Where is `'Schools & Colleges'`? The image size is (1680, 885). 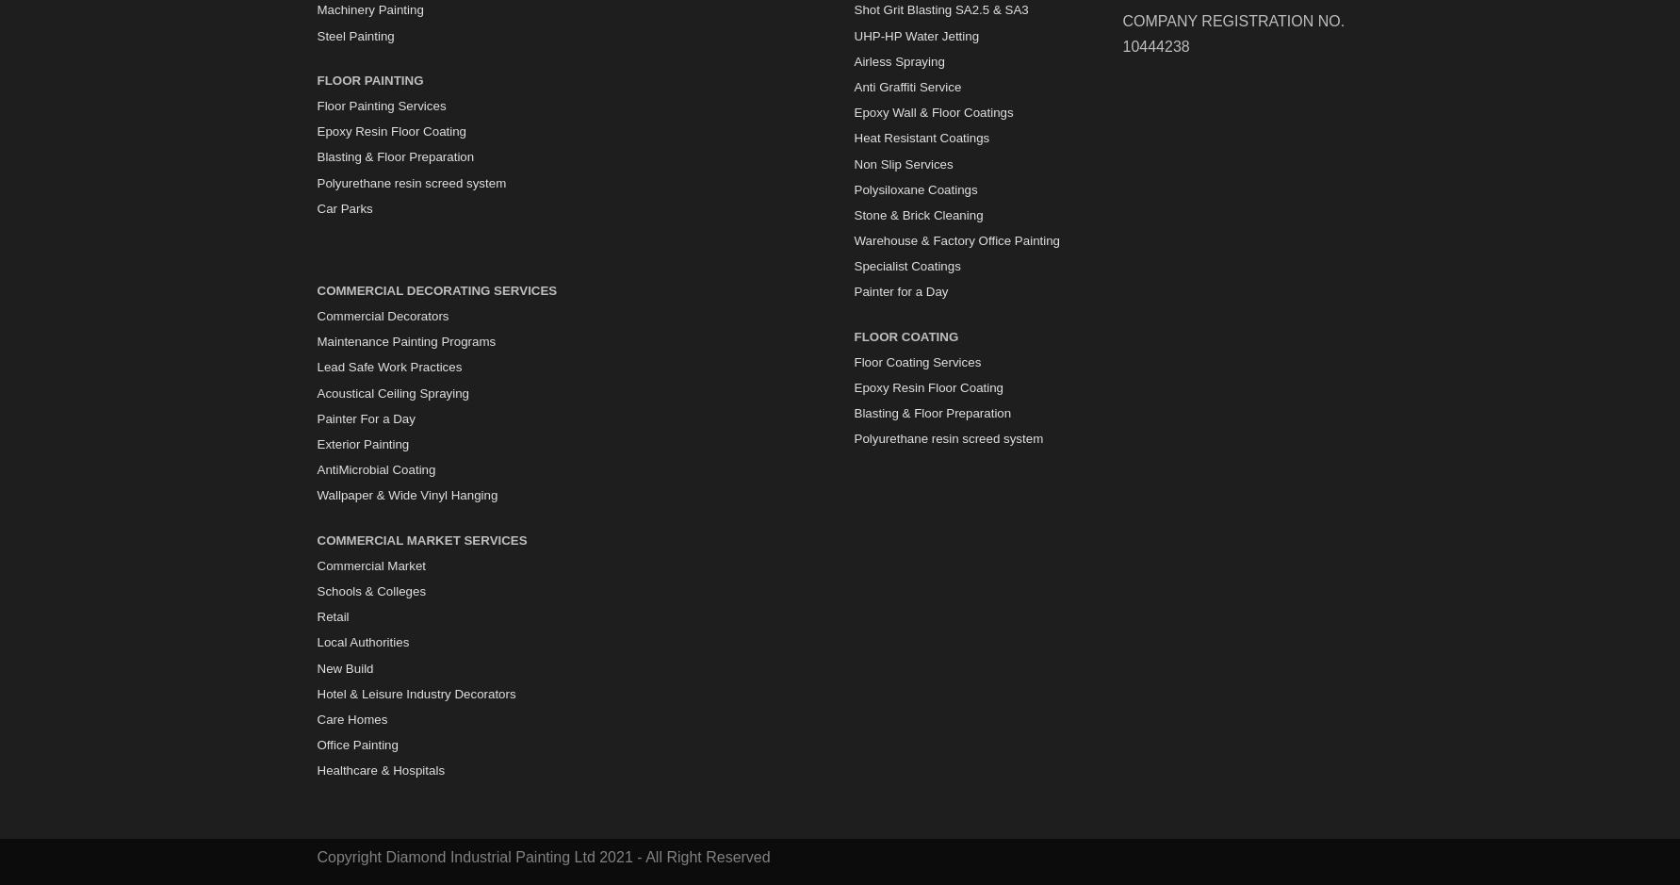
'Schools & Colleges' is located at coordinates (370, 589).